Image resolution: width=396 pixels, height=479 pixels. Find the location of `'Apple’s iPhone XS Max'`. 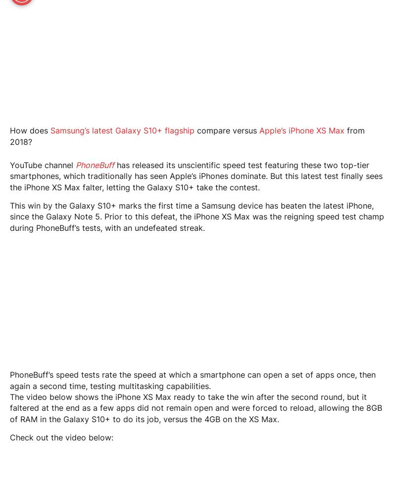

'Apple’s iPhone XS Max' is located at coordinates (302, 130).